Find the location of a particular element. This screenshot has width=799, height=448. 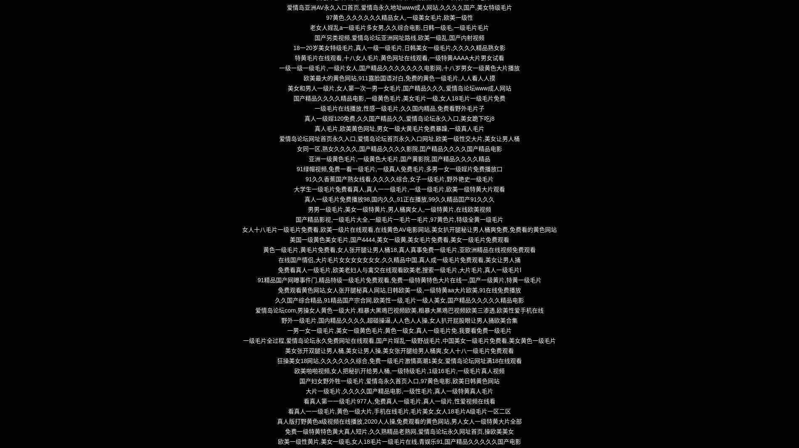

'一级毛片全过程,爱情岛论坛永久免费网址在线观看,国产片婬乱一级野战毛片,中国美女一级毛片免费看,美女黄色一级毛片' is located at coordinates (399, 341).